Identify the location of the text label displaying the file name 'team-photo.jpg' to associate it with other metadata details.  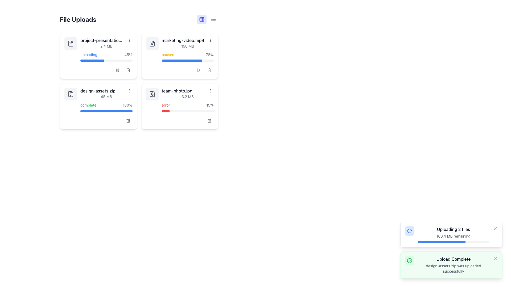
(188, 91).